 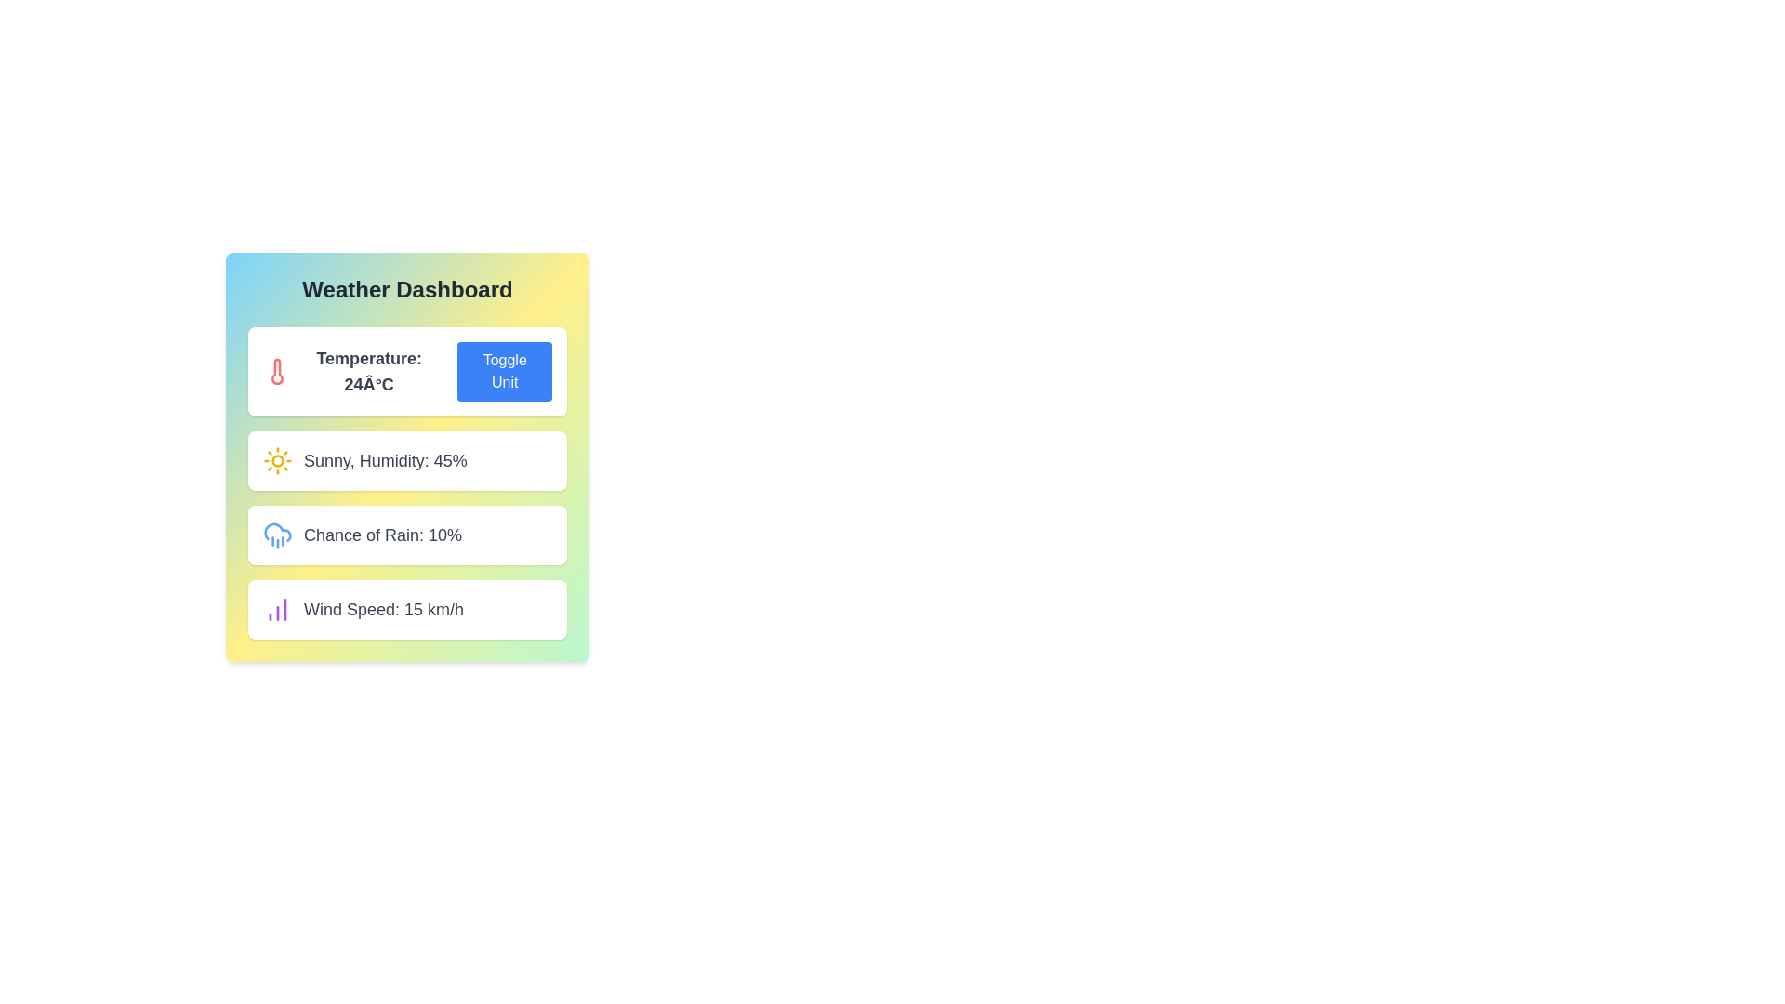 What do you see at coordinates (406, 460) in the screenshot?
I see `the weather information display section that shows 'Sunny' with humidity level '45%', located centrally in the weather dashboard` at bounding box center [406, 460].